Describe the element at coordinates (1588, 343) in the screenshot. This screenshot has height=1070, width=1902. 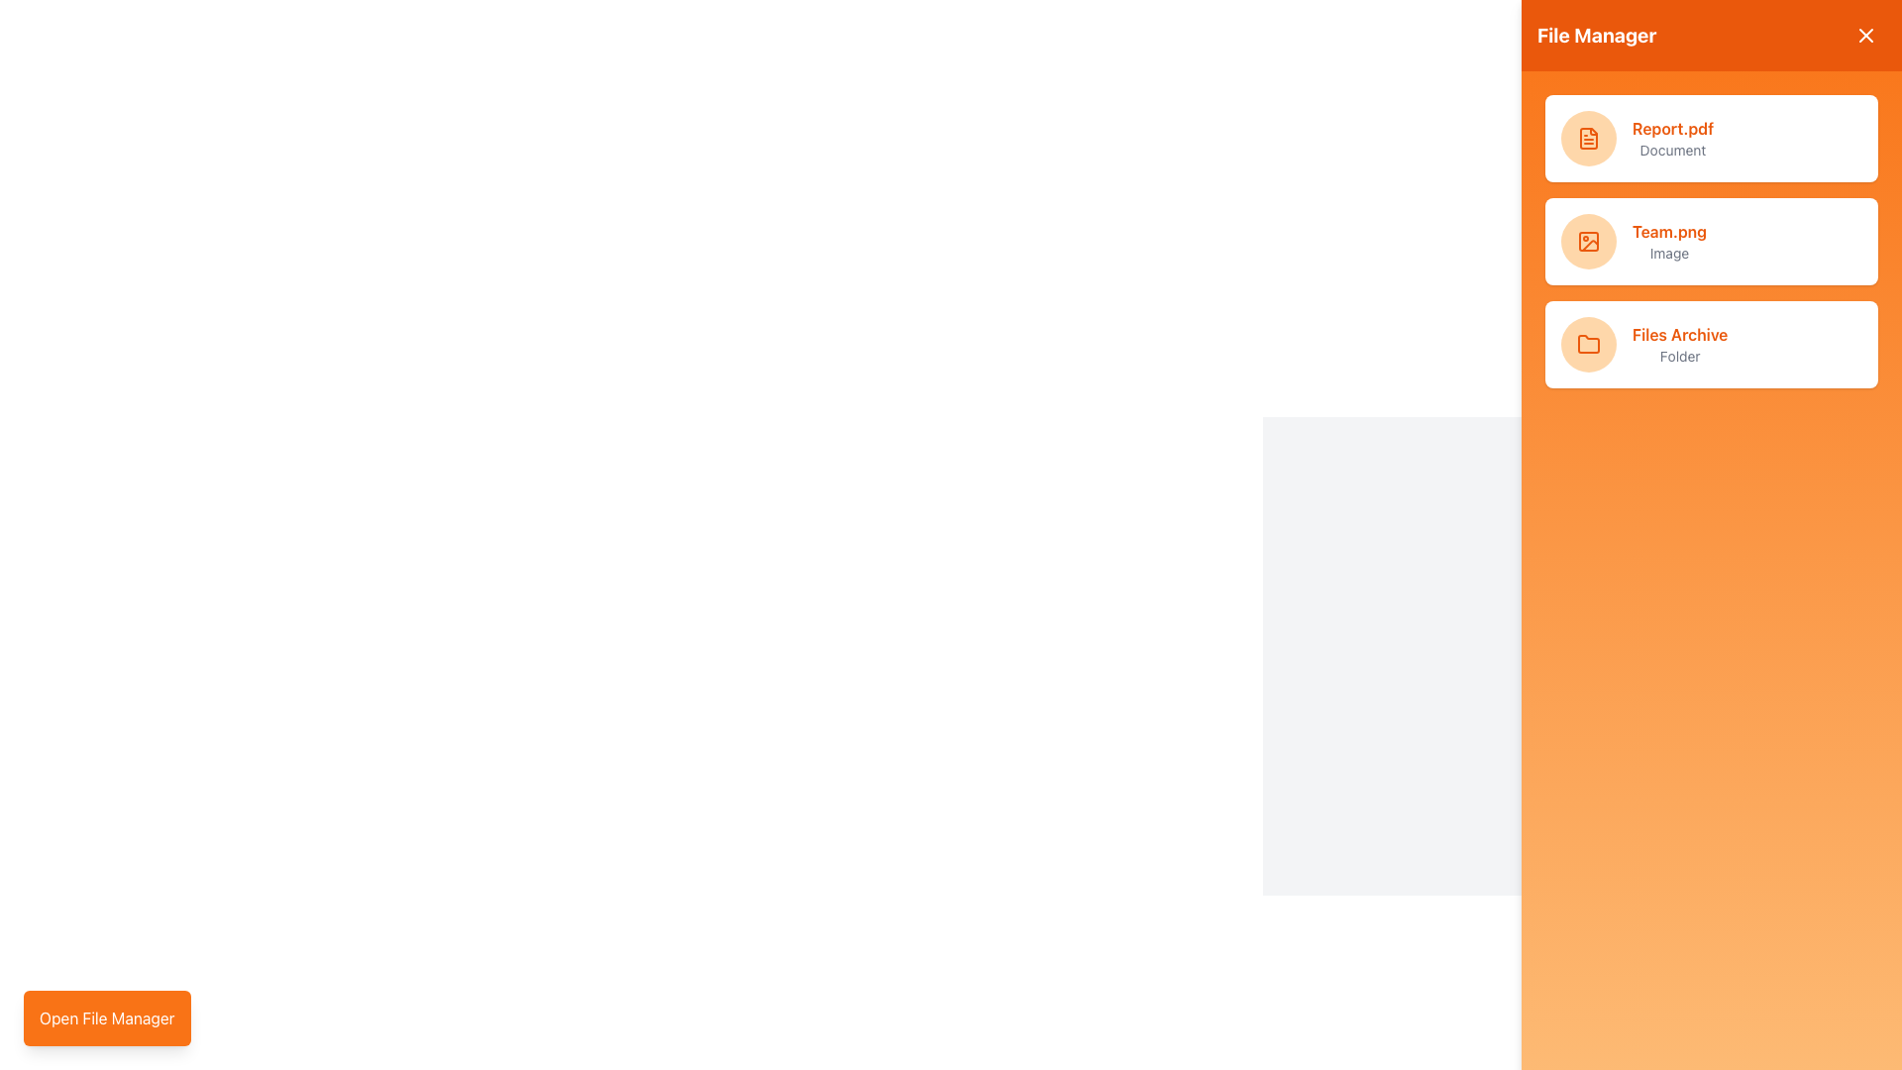
I see `the circular icon with a folder symbol inside, which has a slightly orange background and is located on the 'Files Archive' card in the 'File Manager' panel` at that location.